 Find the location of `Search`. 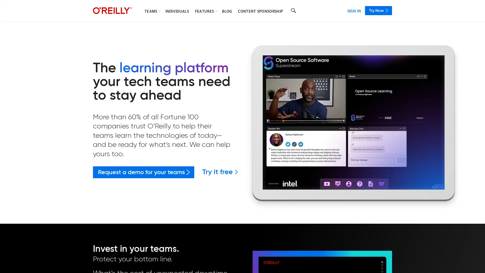

Search is located at coordinates (293, 11).